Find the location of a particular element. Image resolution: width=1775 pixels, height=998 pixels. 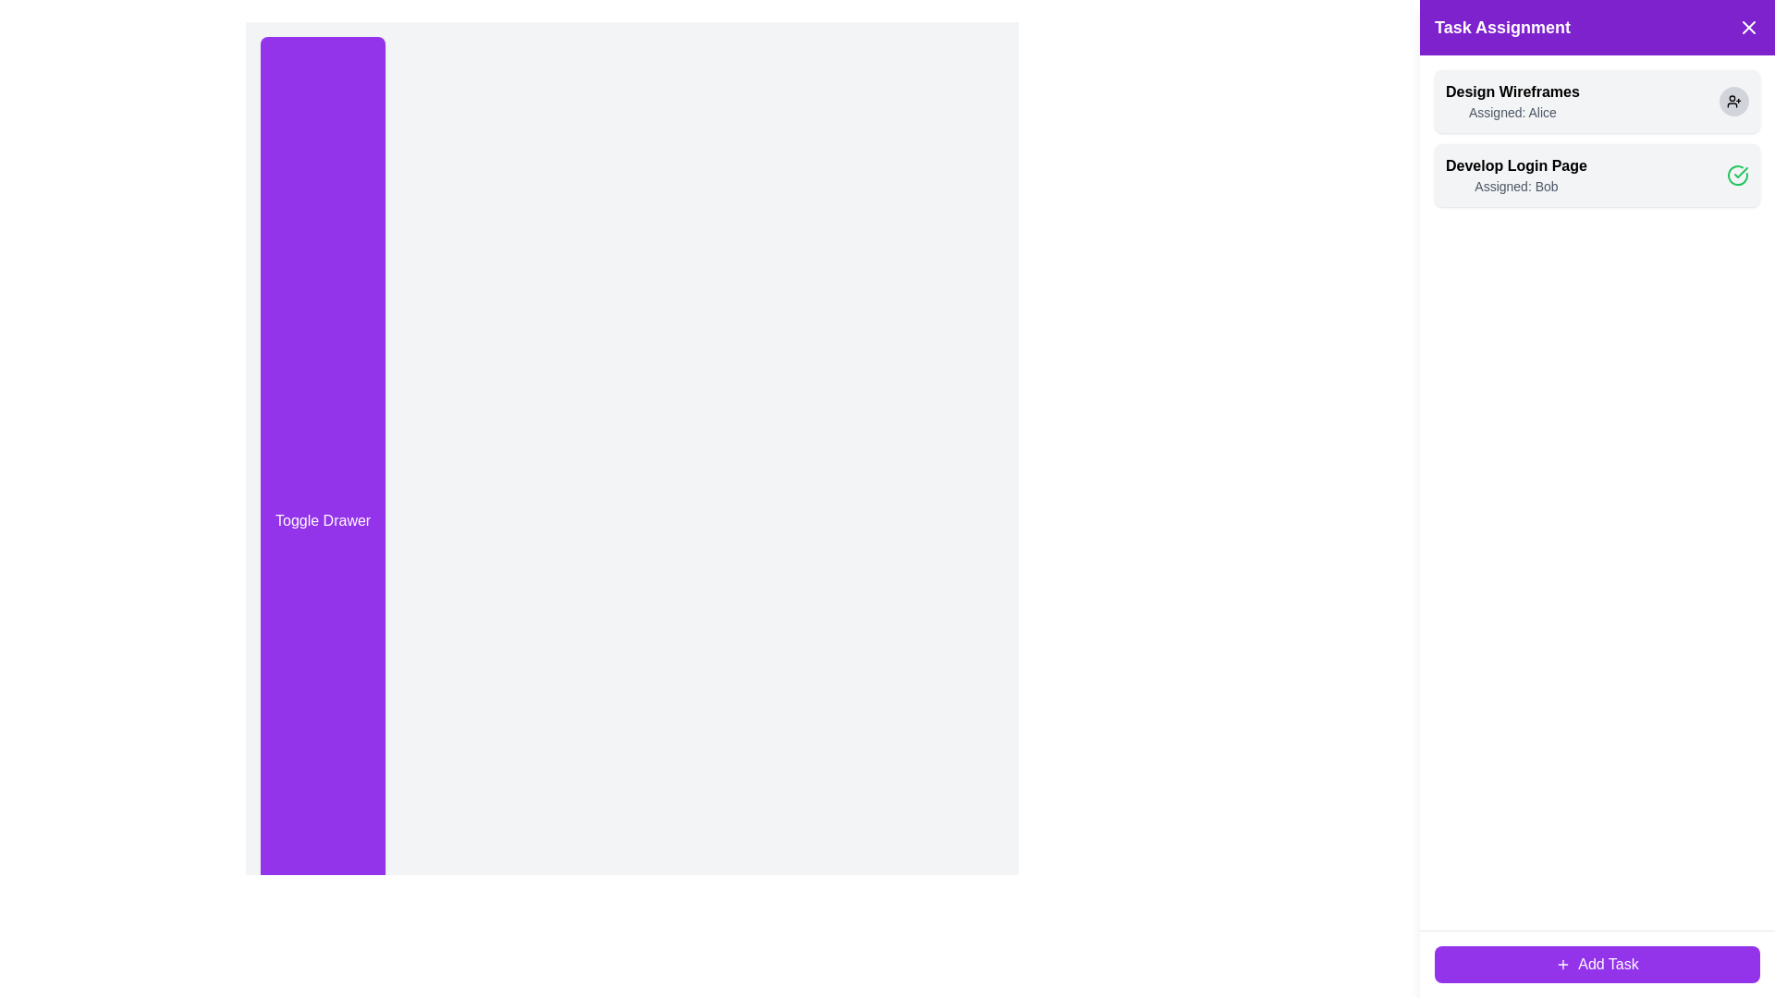

header text 'Task Assignment' located in the top-right corner of the interface, inside the purple header bar, next to the close icon is located at coordinates (1502, 28).